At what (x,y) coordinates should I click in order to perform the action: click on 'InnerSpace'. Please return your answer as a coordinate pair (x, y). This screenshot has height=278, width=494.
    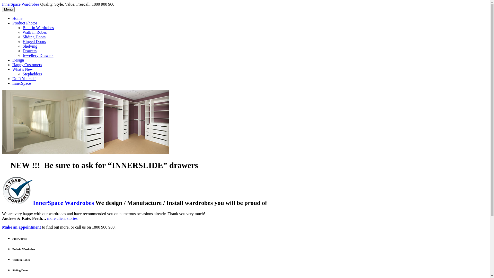
    Looking at the image, I should click on (21, 83).